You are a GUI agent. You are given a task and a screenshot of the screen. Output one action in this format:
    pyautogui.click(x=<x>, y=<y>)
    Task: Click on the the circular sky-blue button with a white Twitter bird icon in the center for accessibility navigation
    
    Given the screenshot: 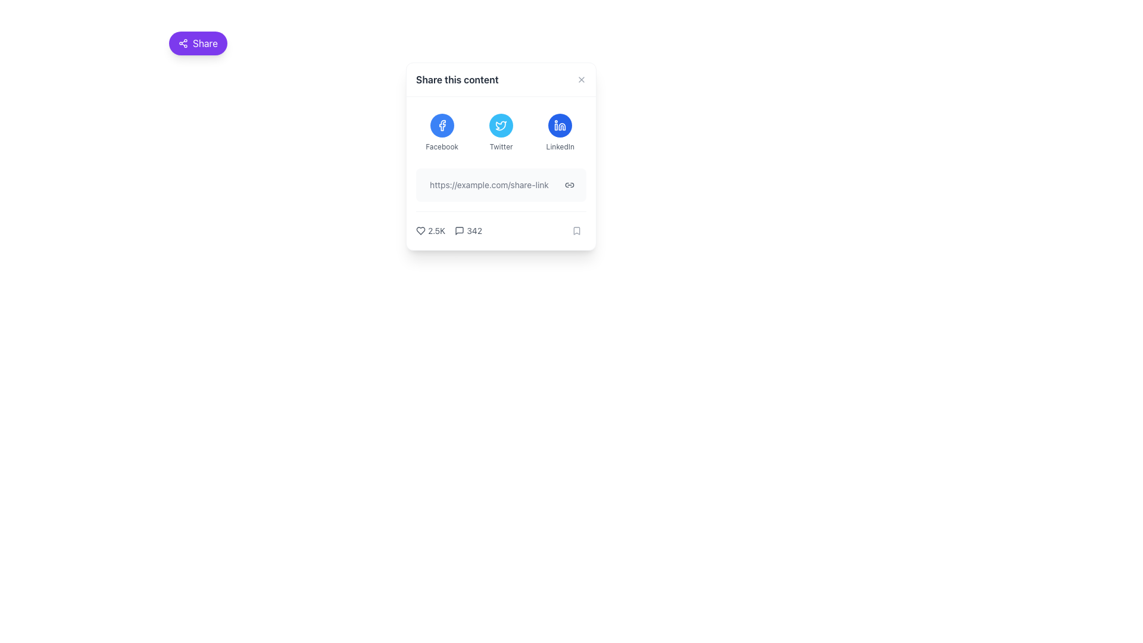 What is the action you would take?
    pyautogui.click(x=501, y=126)
    